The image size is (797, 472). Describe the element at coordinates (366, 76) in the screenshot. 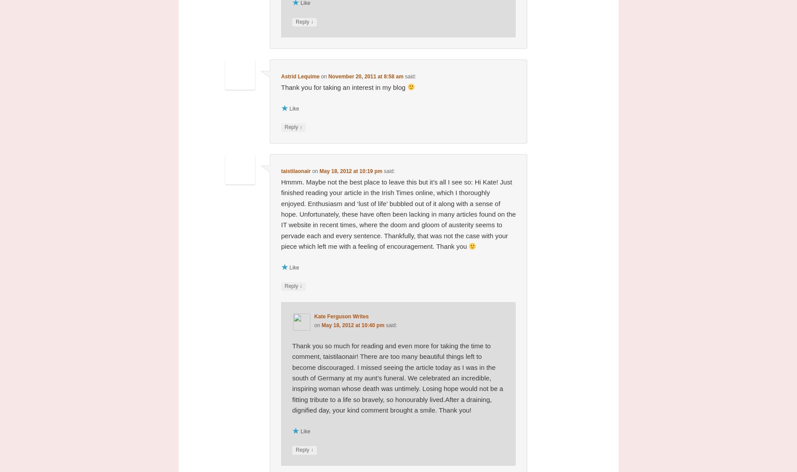

I see `'November 20, 2011 at 8:58 am'` at that location.